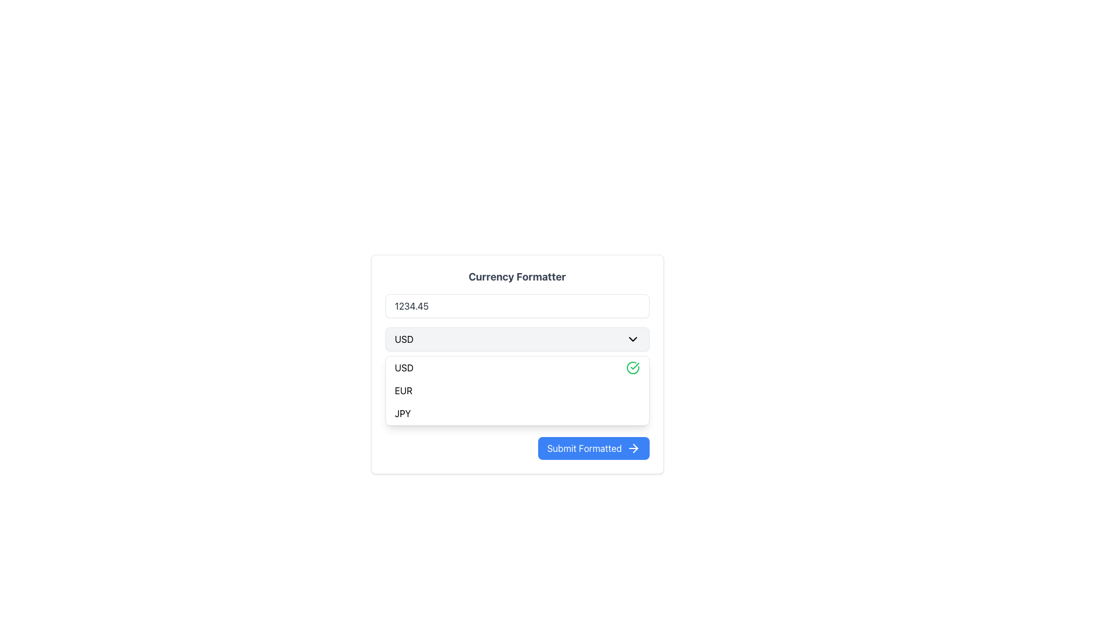 This screenshot has height=617, width=1098. Describe the element at coordinates (632, 339) in the screenshot. I see `the chevron-shaped icon pointing downward, located to the right side of the text 'USD'` at that location.